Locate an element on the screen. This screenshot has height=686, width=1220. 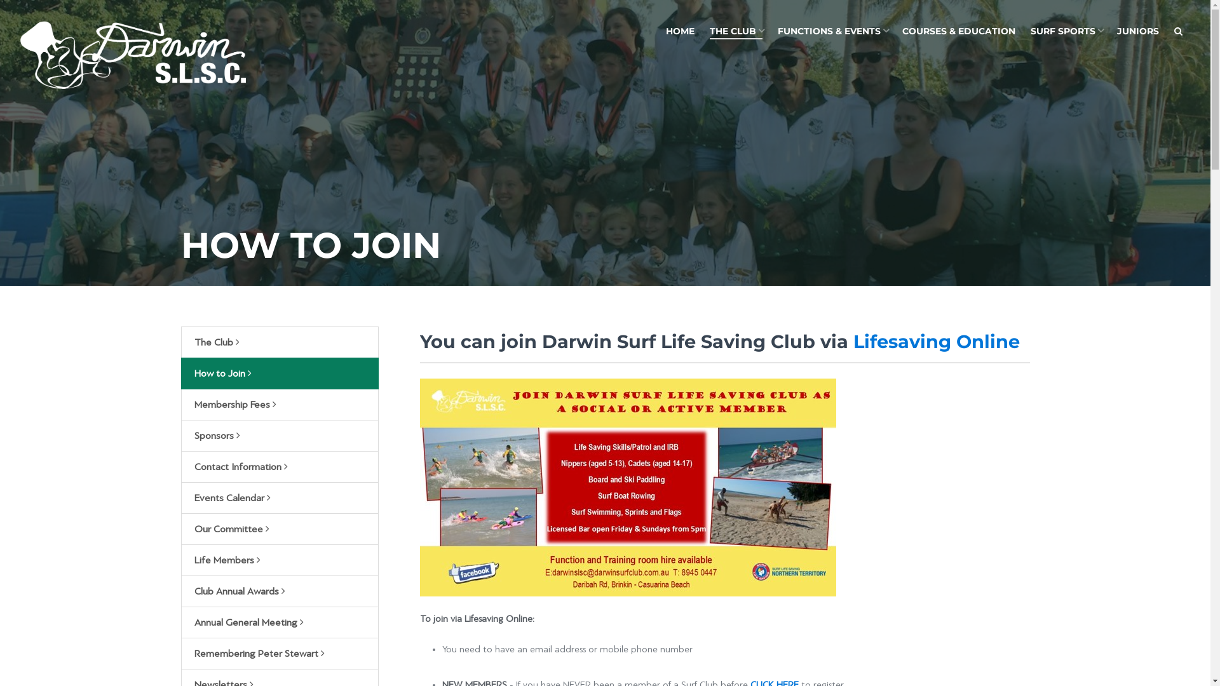
'Contact Information ' is located at coordinates (279, 467).